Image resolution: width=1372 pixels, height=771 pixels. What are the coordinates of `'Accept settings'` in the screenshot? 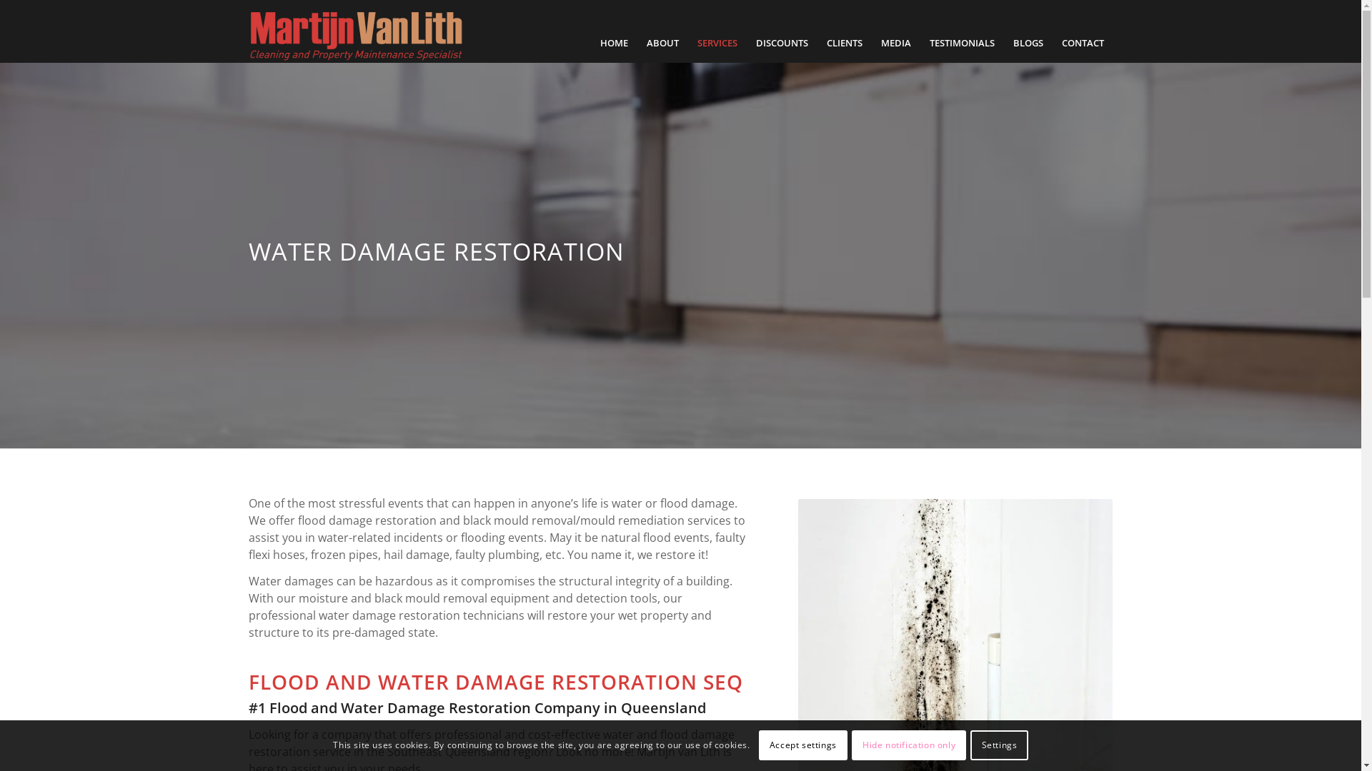 It's located at (802, 745).